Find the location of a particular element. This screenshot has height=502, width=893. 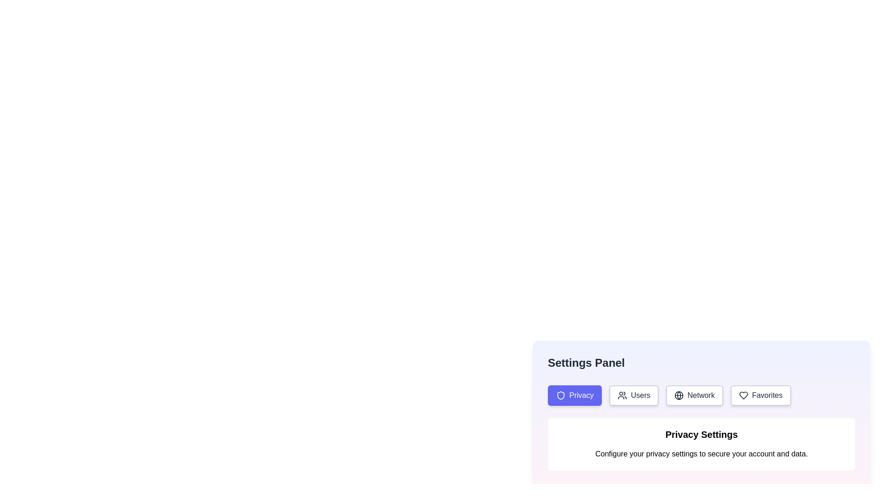

the text label that reads 'Configure your privacy settings to secure your account and data', which is located in the 'Settings Panel' below the 'Privacy Settings' title is located at coordinates (701, 453).